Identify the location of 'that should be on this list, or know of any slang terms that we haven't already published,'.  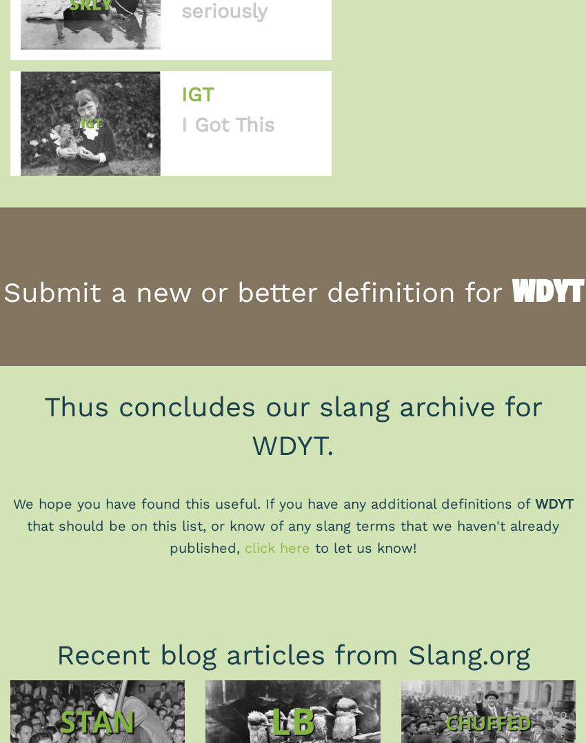
(293, 536).